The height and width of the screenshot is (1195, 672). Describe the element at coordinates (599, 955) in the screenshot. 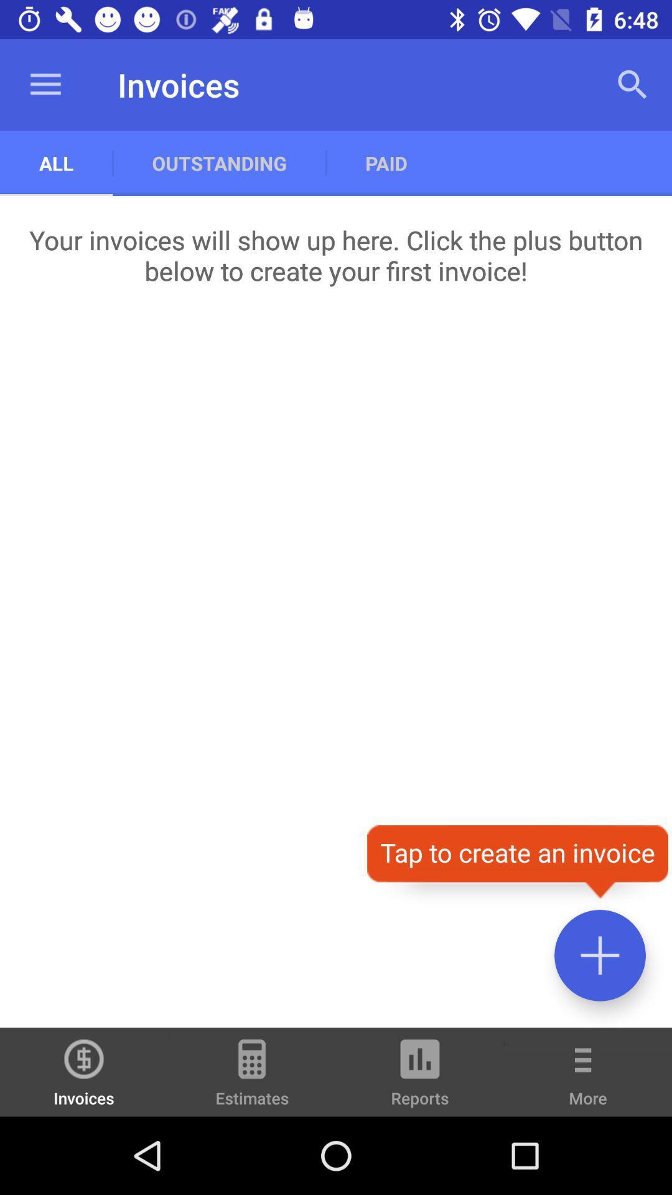

I see `creat invoice` at that location.